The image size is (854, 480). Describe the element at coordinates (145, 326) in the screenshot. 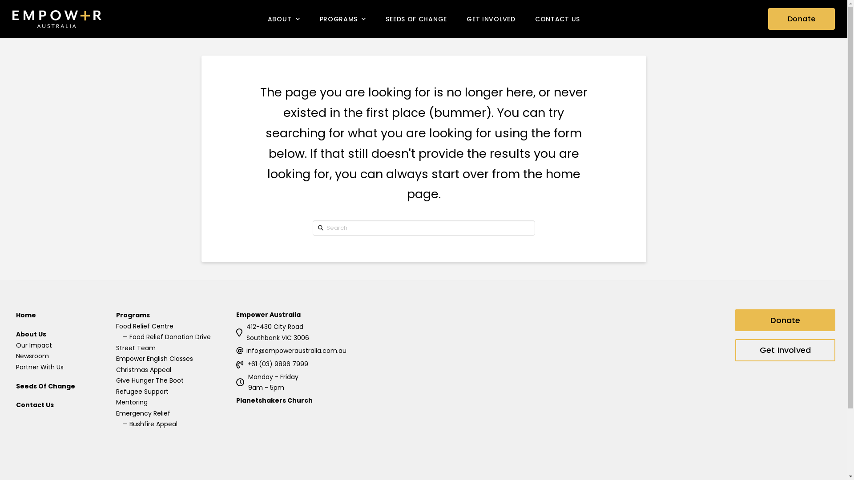

I see `'Food Relief Centre'` at that location.